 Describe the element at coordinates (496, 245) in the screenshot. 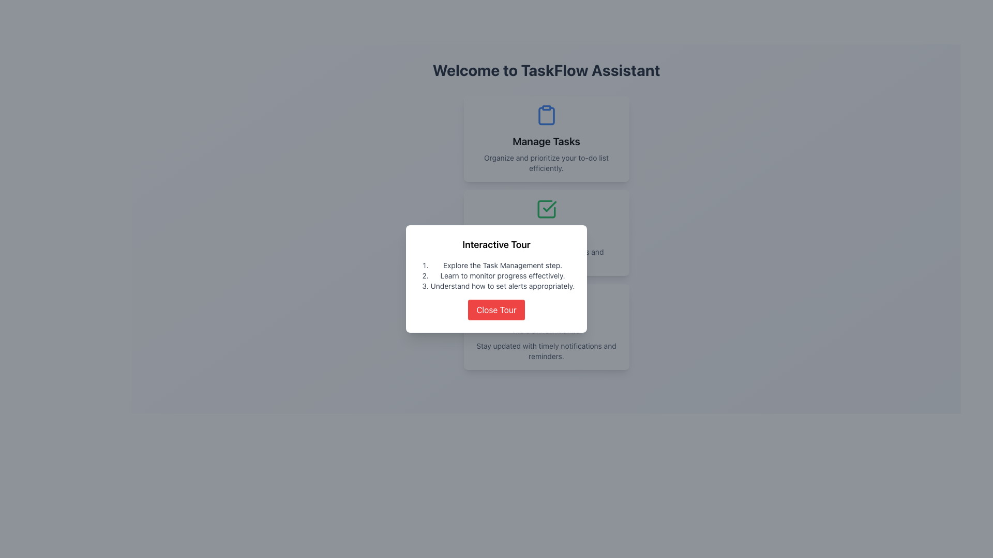

I see `the Text Label (Header Style) that serves as the title of the modal box, which is positioned at the top center of the modal, indicating the purpose of the content` at that location.